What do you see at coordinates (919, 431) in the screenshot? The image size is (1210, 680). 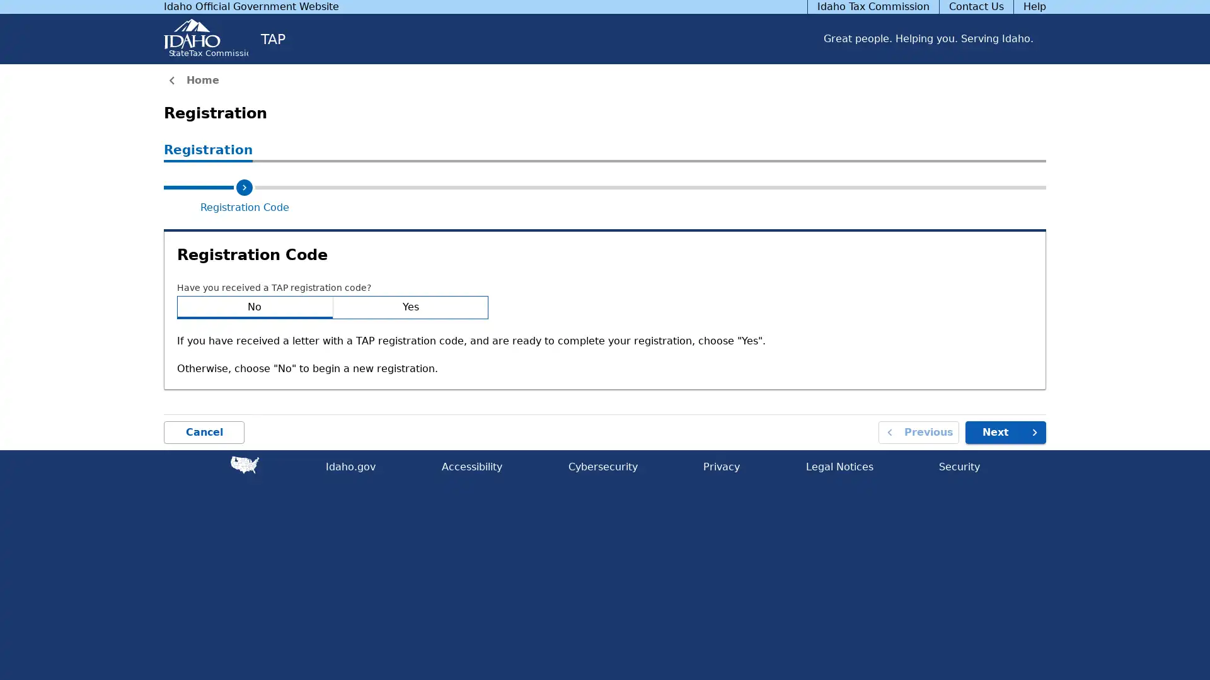 I see `Previous` at bounding box center [919, 431].